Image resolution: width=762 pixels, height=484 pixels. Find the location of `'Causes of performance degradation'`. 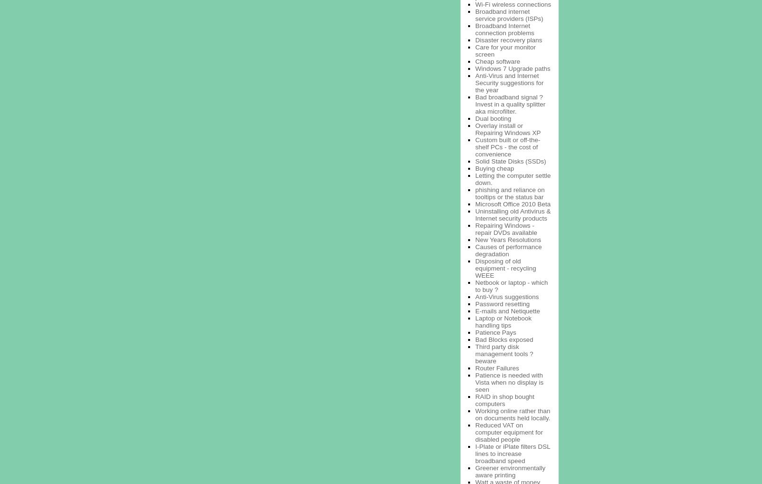

'Causes of performance degradation' is located at coordinates (508, 250).